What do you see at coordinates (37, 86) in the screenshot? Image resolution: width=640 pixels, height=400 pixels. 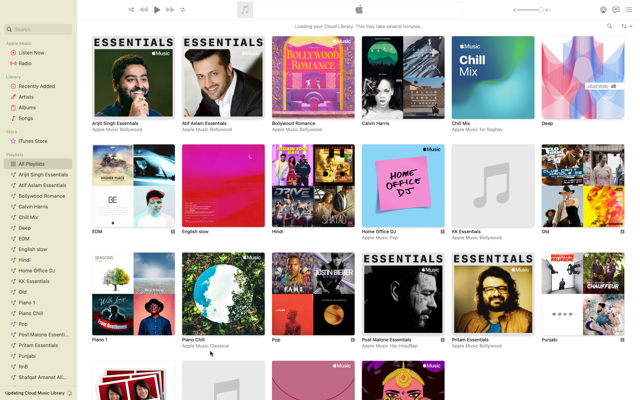 I see `Inspect recently played music tracks` at bounding box center [37, 86].